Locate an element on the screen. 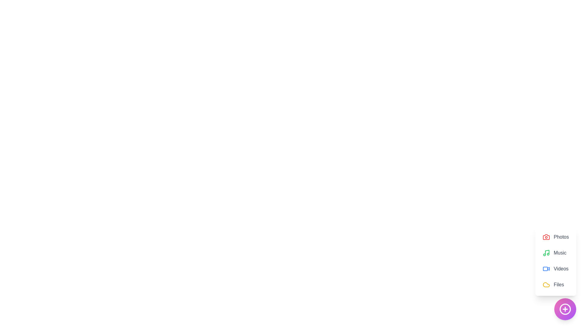 Image resolution: width=586 pixels, height=330 pixels. the option Videos to select it is located at coordinates (555, 268).